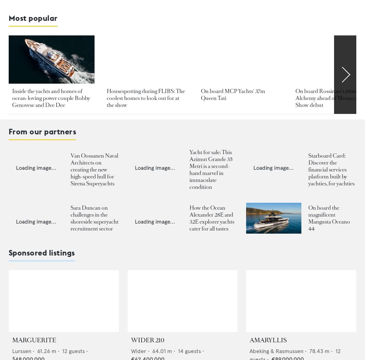 The width and height of the screenshot is (365, 360). Describe the element at coordinates (94, 169) in the screenshot. I see `'Van Oossanen Naval Architects on creating the new high-speed hull for Sirena Superyachts'` at that location.